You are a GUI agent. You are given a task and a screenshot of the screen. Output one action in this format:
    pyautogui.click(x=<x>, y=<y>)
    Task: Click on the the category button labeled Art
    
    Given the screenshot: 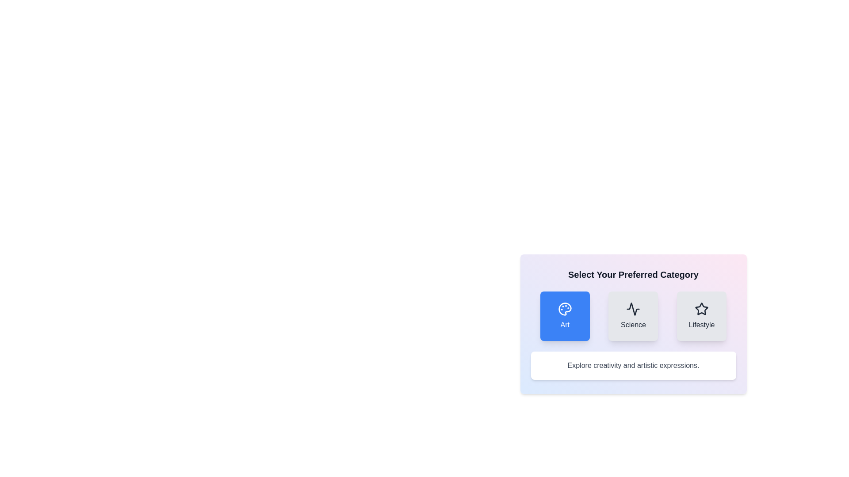 What is the action you would take?
    pyautogui.click(x=564, y=316)
    